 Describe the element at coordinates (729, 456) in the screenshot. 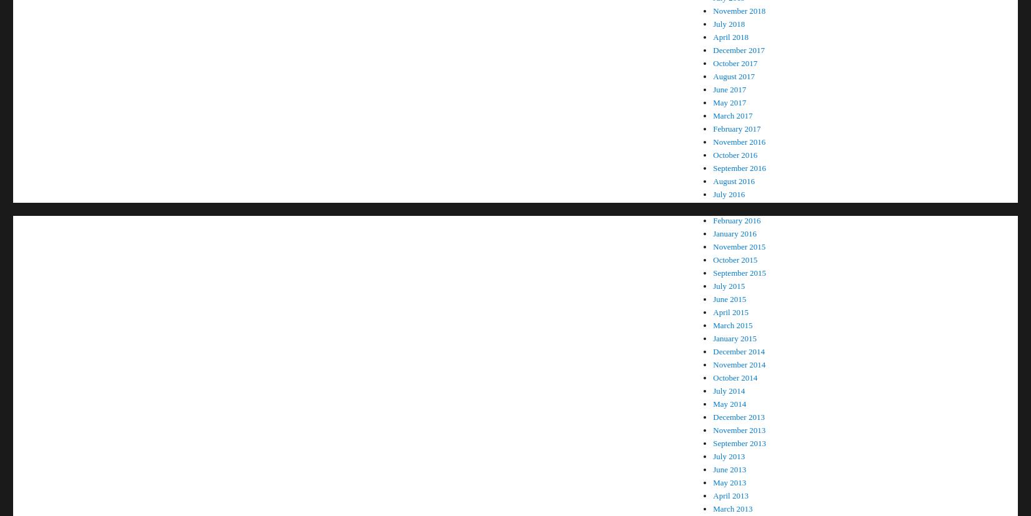

I see `'July 2013'` at that location.